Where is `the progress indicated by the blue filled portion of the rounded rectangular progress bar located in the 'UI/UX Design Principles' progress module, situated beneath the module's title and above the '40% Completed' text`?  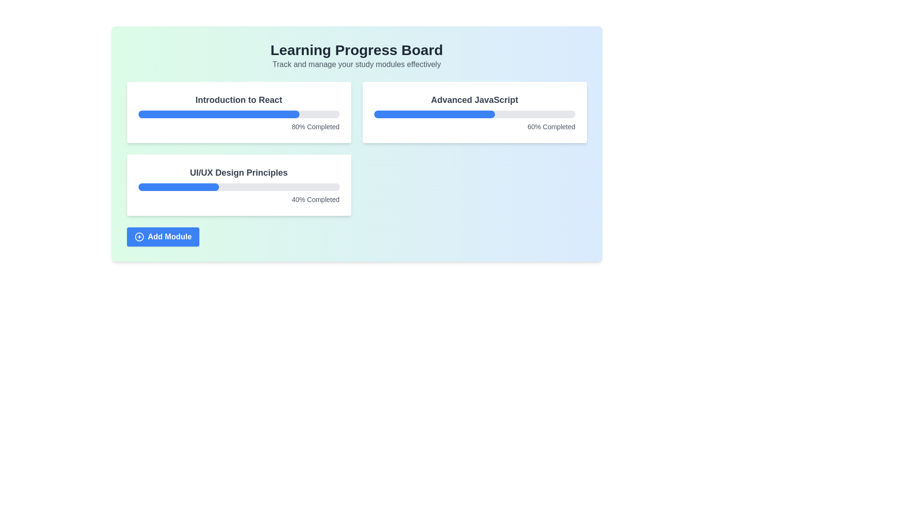 the progress indicated by the blue filled portion of the rounded rectangular progress bar located in the 'UI/UX Design Principles' progress module, situated beneath the module's title and above the '40% Completed' text is located at coordinates (239, 187).